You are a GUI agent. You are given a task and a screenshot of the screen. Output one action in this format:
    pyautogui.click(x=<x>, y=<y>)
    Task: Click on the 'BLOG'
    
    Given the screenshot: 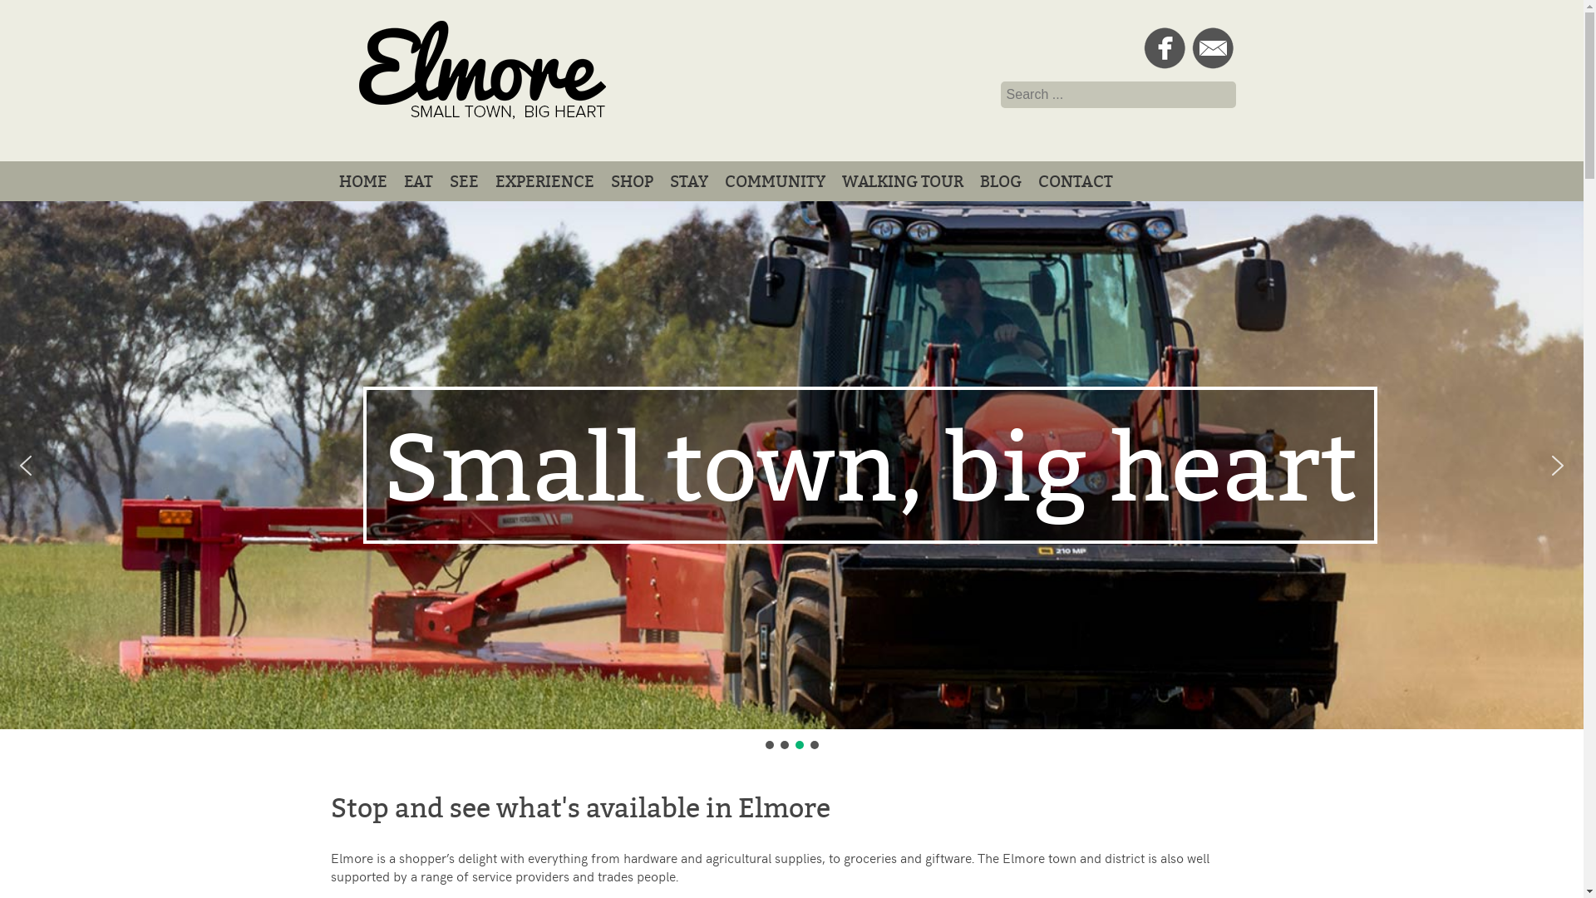 What is the action you would take?
    pyautogui.click(x=999, y=181)
    